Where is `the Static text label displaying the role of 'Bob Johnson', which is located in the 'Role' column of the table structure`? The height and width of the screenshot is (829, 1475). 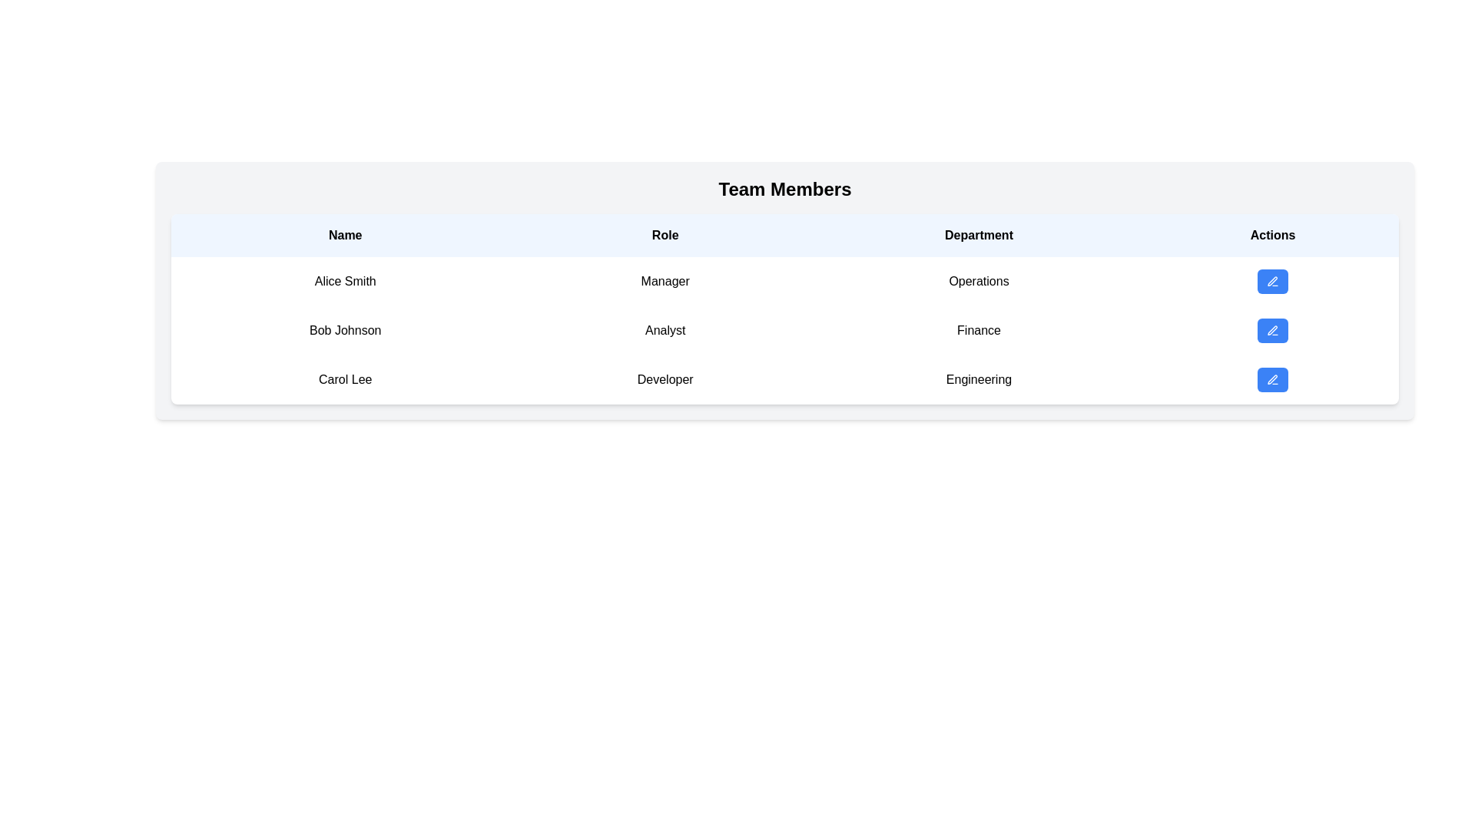 the Static text label displaying the role of 'Bob Johnson', which is located in the 'Role' column of the table structure is located at coordinates (665, 330).